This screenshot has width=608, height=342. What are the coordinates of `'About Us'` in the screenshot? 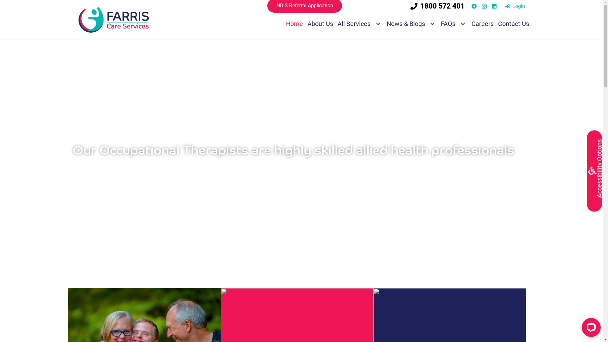 It's located at (320, 23).